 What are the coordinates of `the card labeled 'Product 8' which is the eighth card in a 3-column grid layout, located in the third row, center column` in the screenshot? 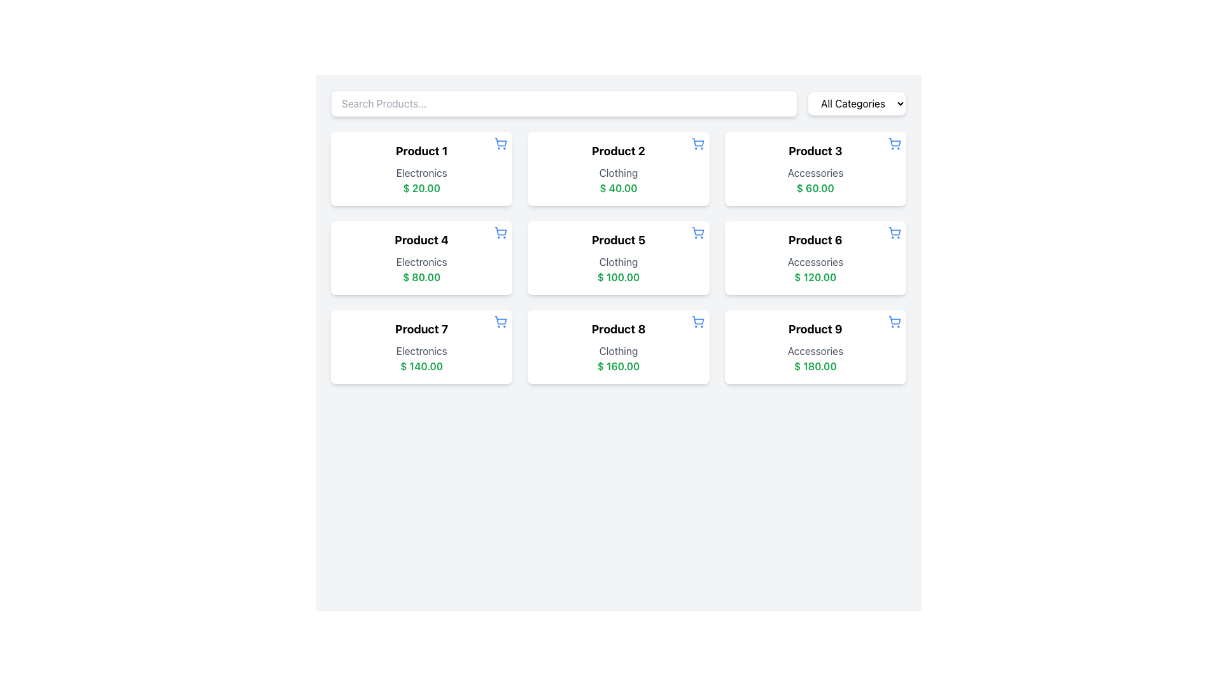 It's located at (618, 347).